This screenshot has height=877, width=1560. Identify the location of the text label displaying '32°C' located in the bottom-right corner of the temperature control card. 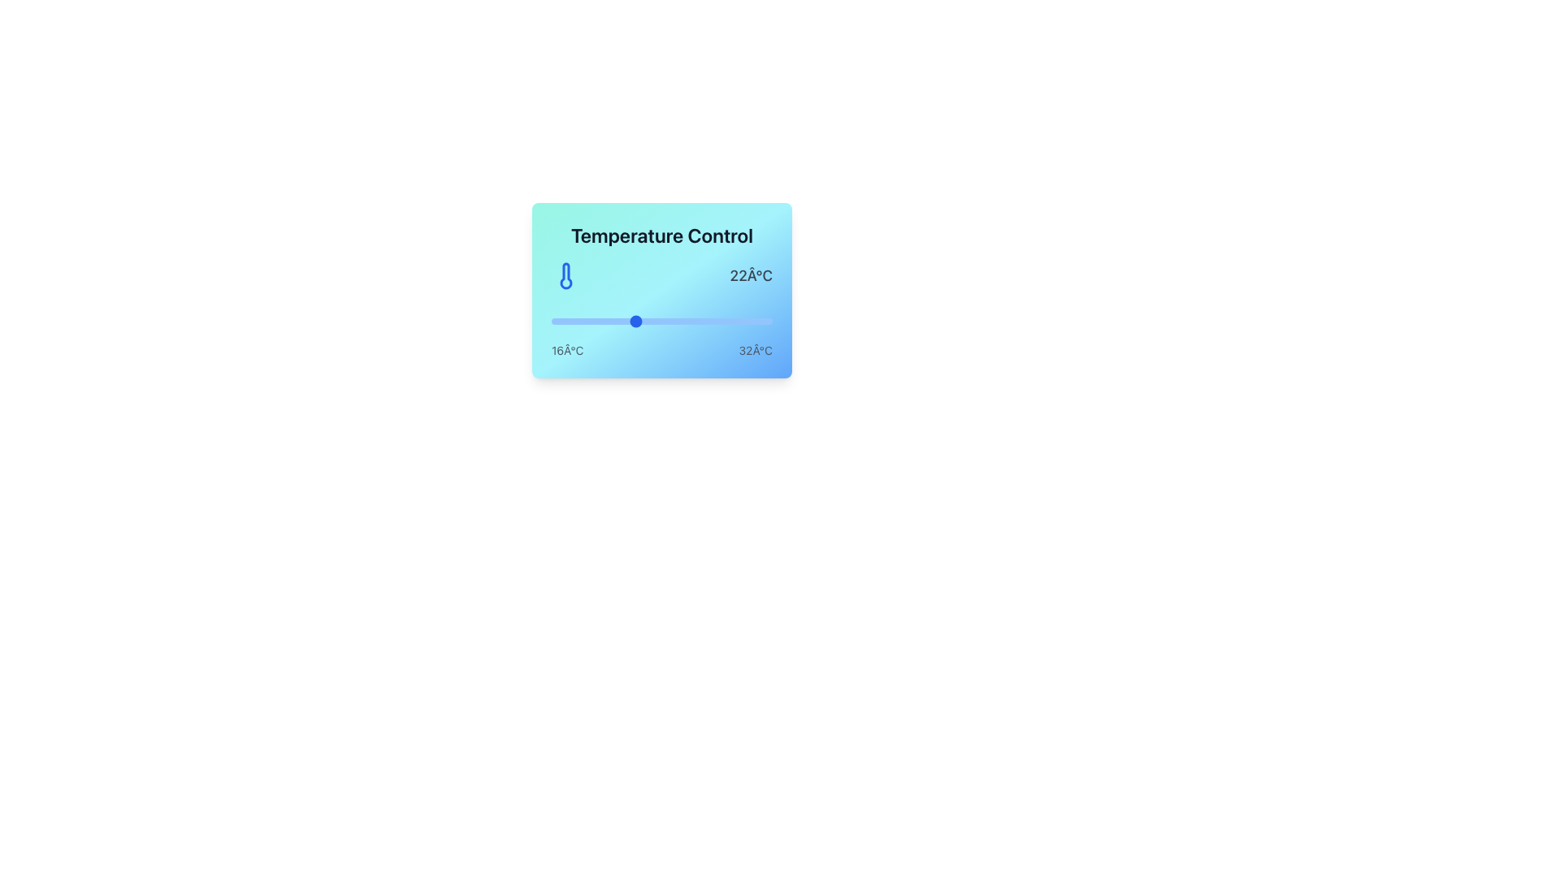
(755, 350).